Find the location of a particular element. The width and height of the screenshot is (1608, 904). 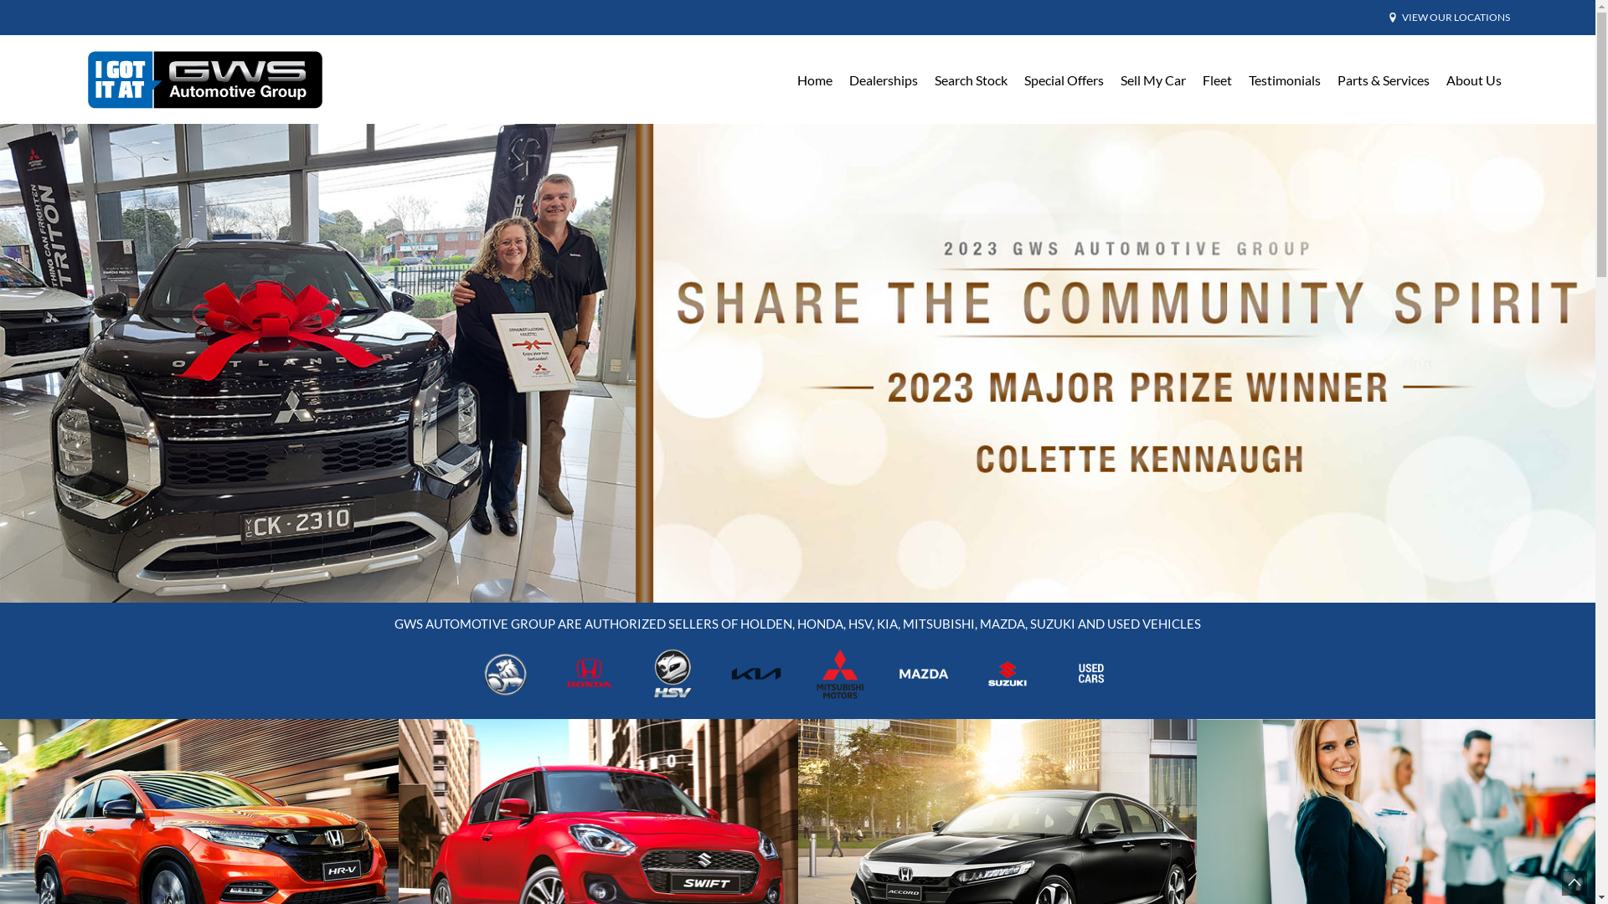

'Home' is located at coordinates (815, 80).